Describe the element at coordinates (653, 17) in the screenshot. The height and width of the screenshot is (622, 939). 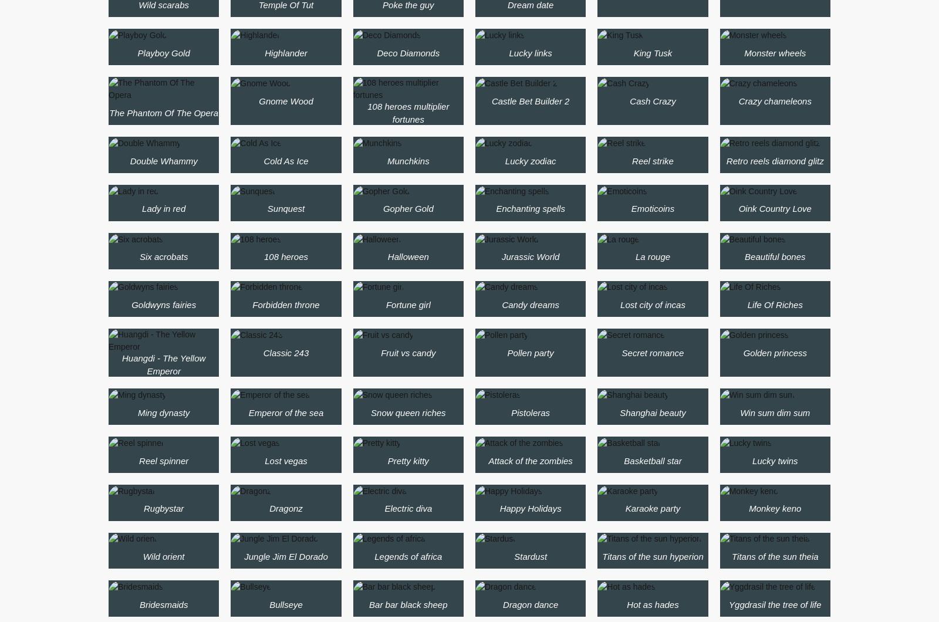
I see `'Aces and faces 4 play power poker'` at that location.